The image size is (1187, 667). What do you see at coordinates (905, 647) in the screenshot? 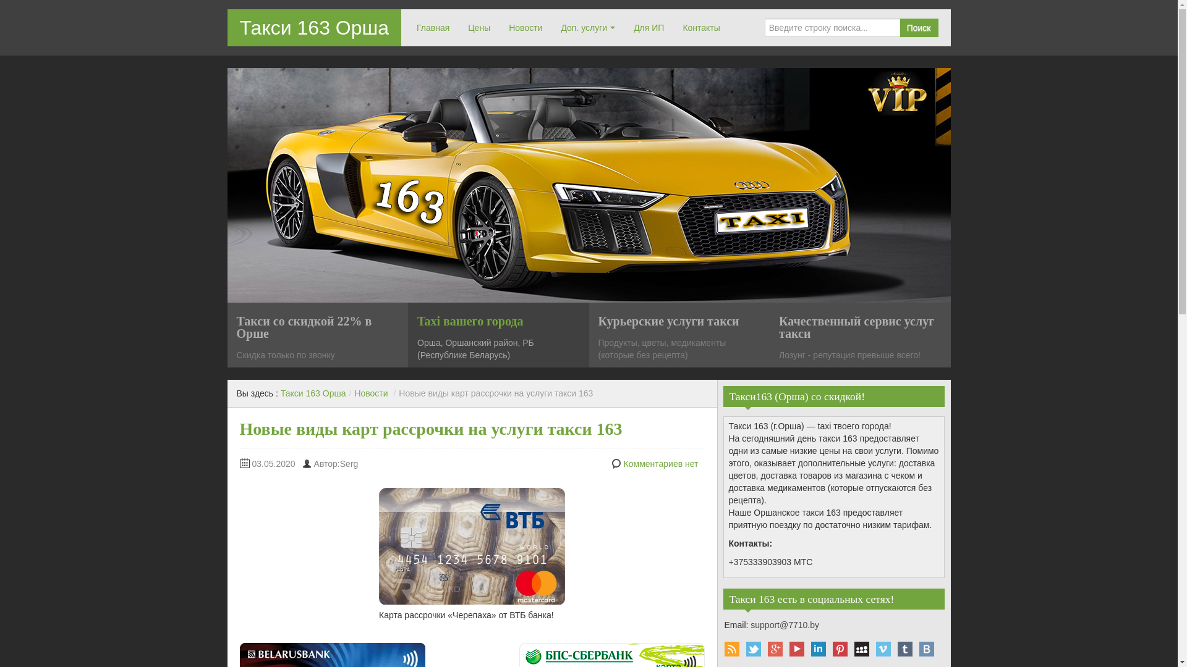
I see `'Tumblr'` at bounding box center [905, 647].